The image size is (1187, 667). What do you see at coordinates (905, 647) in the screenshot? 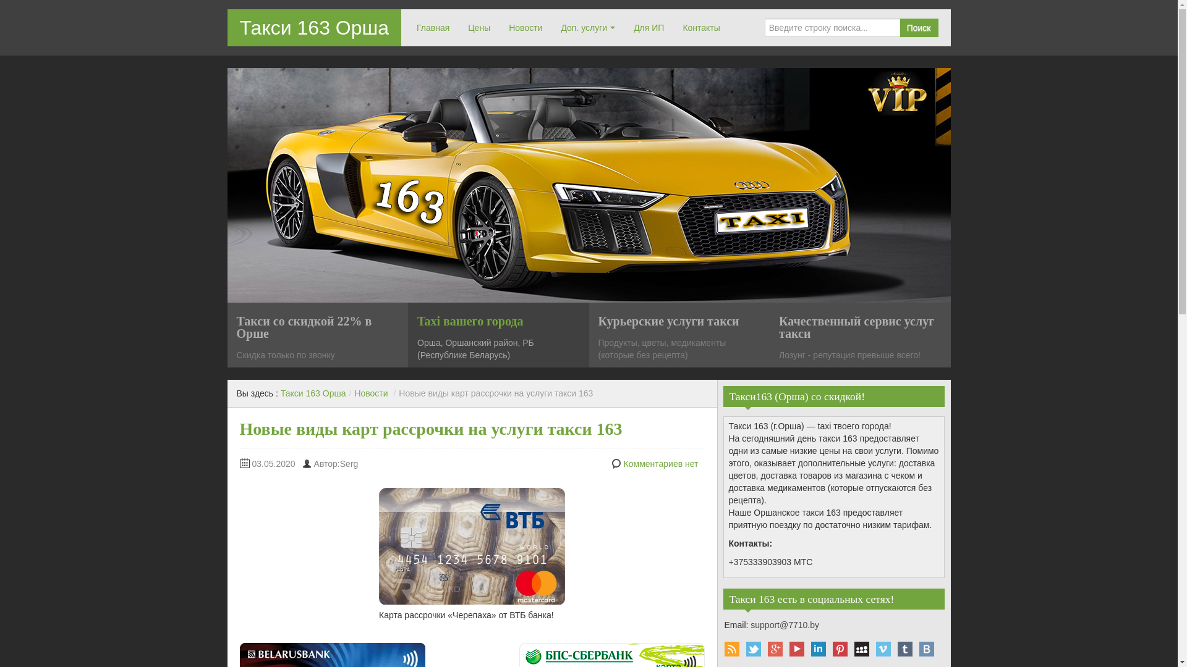
I see `'Tumblr'` at bounding box center [905, 647].